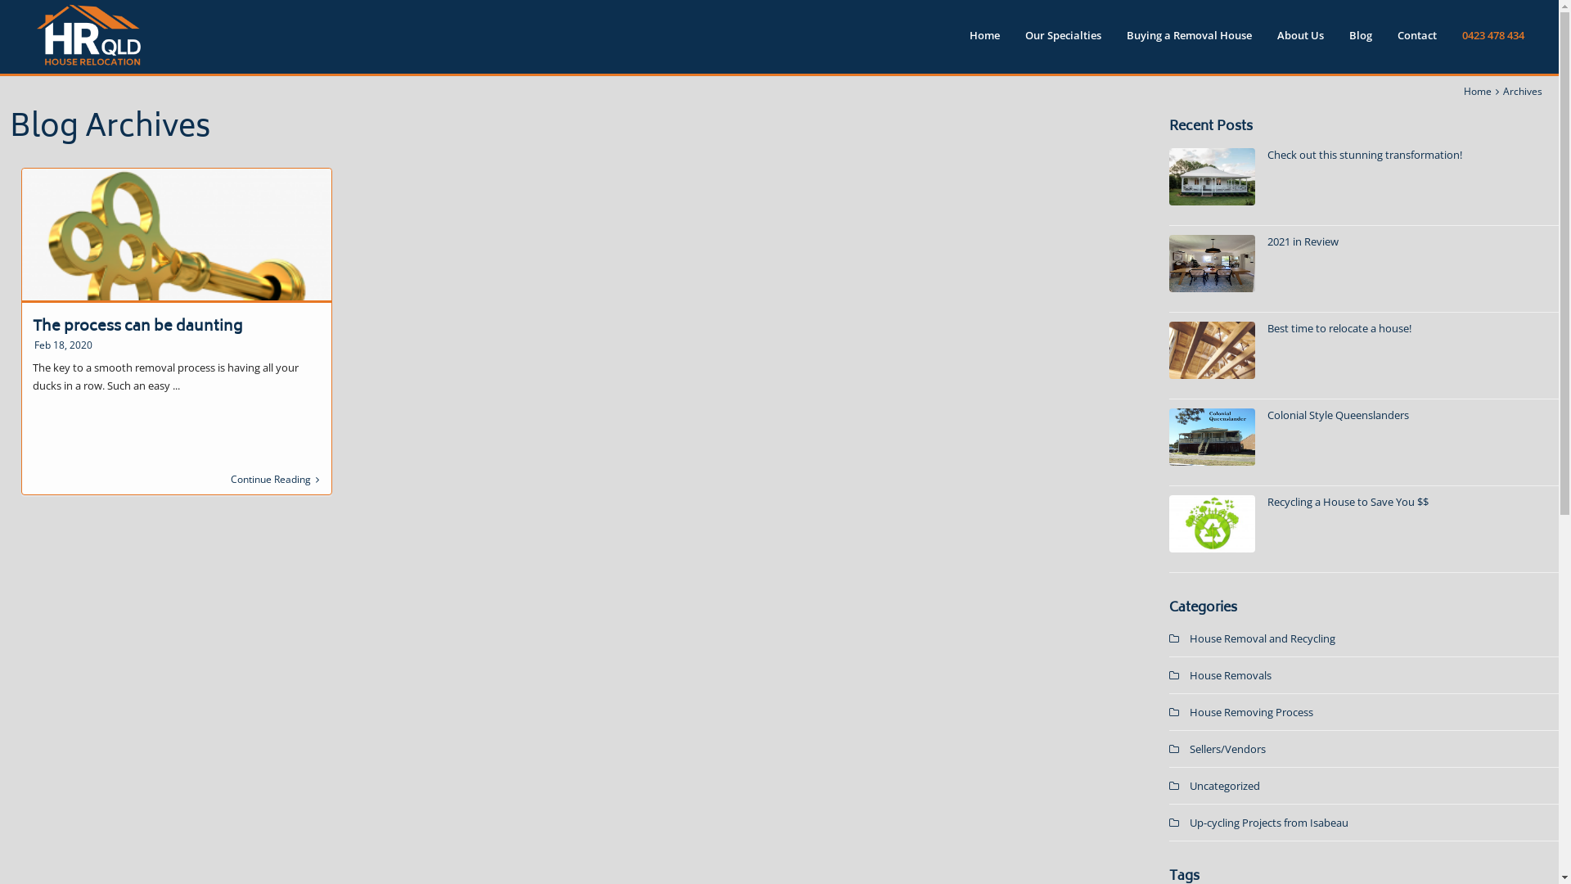 The height and width of the screenshot is (884, 1571). What do you see at coordinates (1063, 40) in the screenshot?
I see `'Our Specialties'` at bounding box center [1063, 40].